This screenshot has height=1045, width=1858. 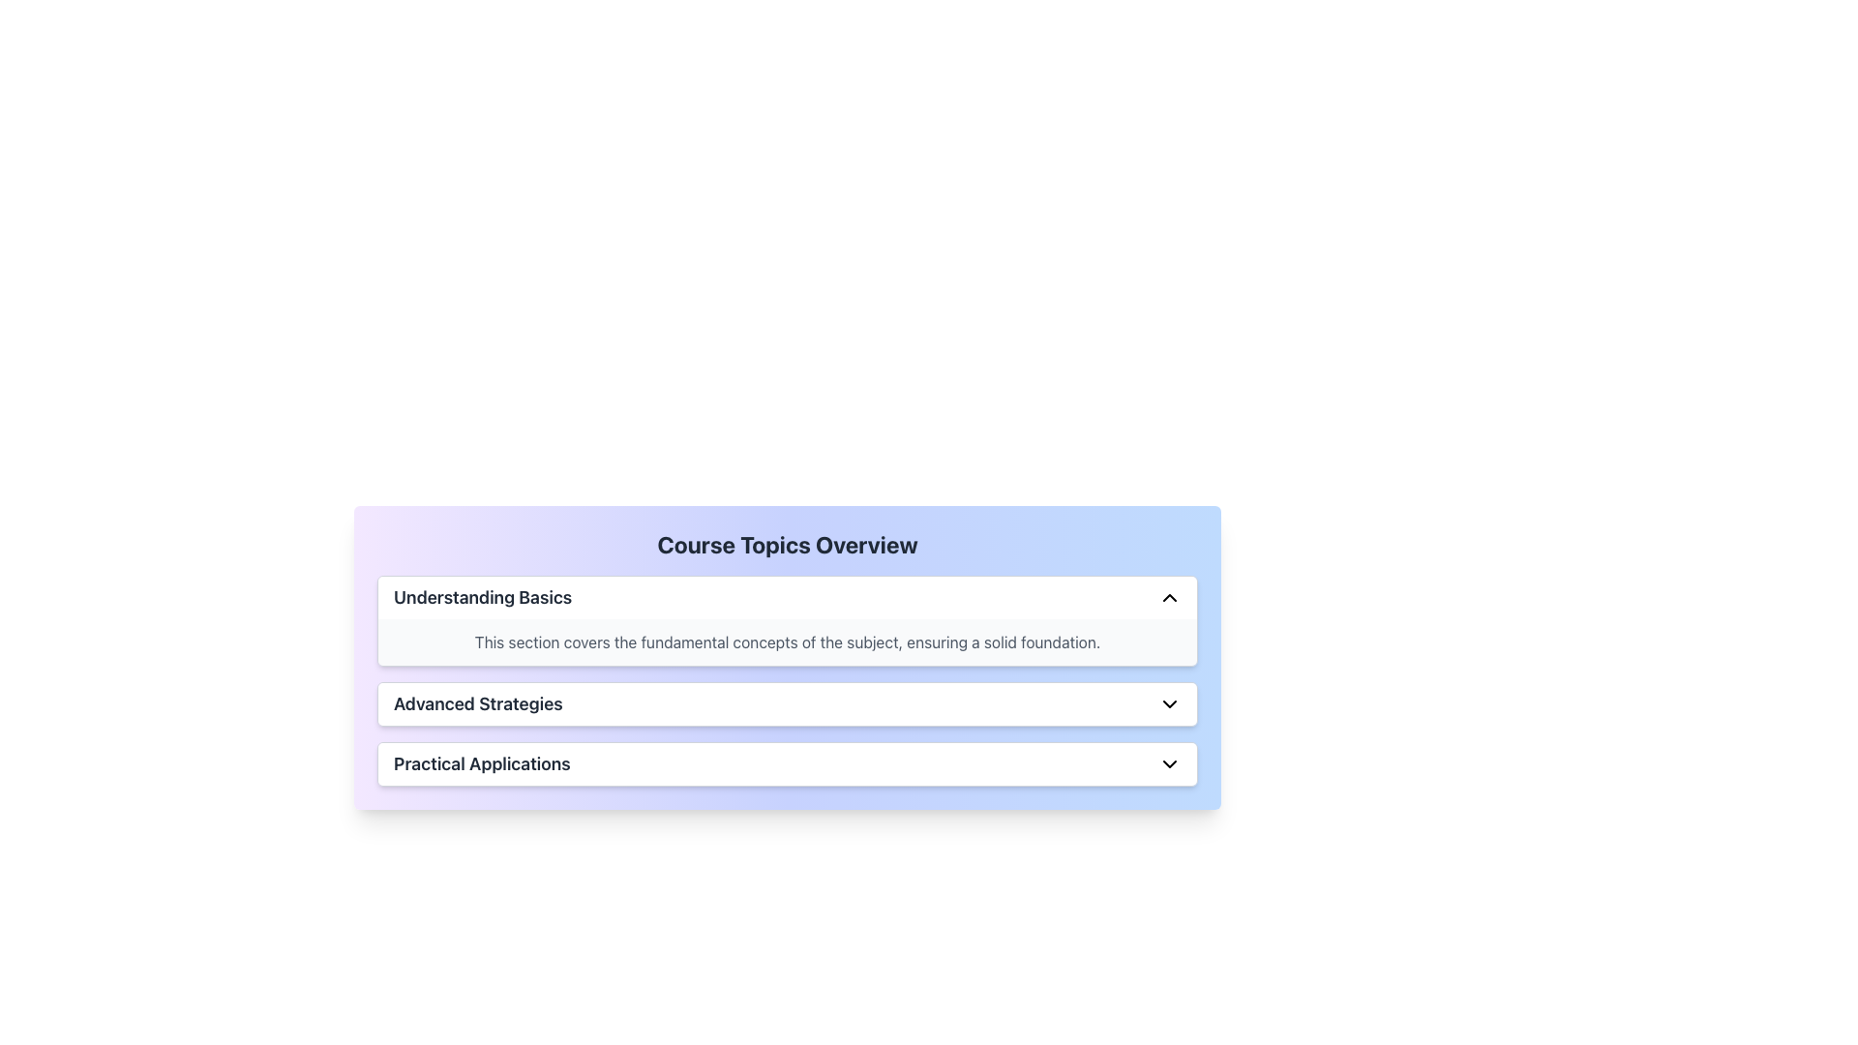 I want to click on the central heading element styled with large, bold fonts and deep gray color to focus on it, so click(x=788, y=545).